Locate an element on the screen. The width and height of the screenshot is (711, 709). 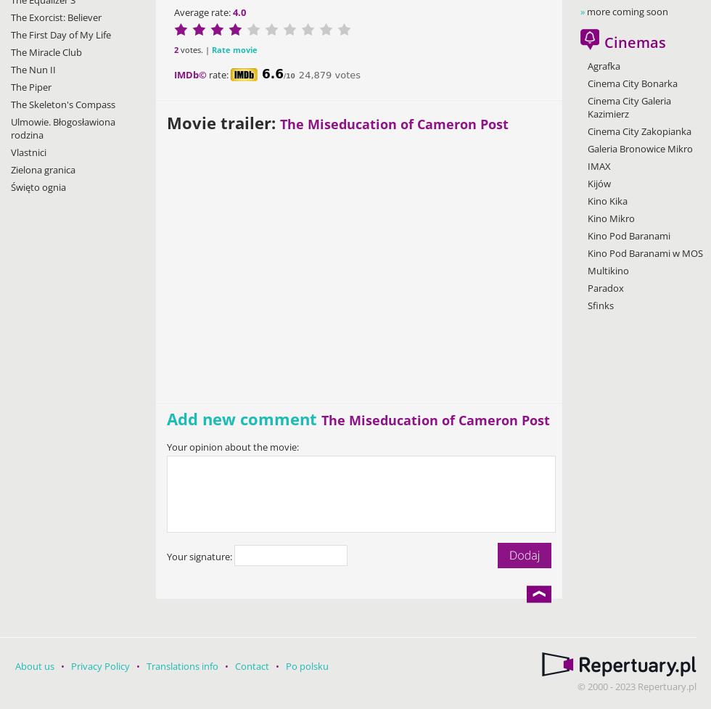
'The Exorcist: Believer' is located at coordinates (10, 17).